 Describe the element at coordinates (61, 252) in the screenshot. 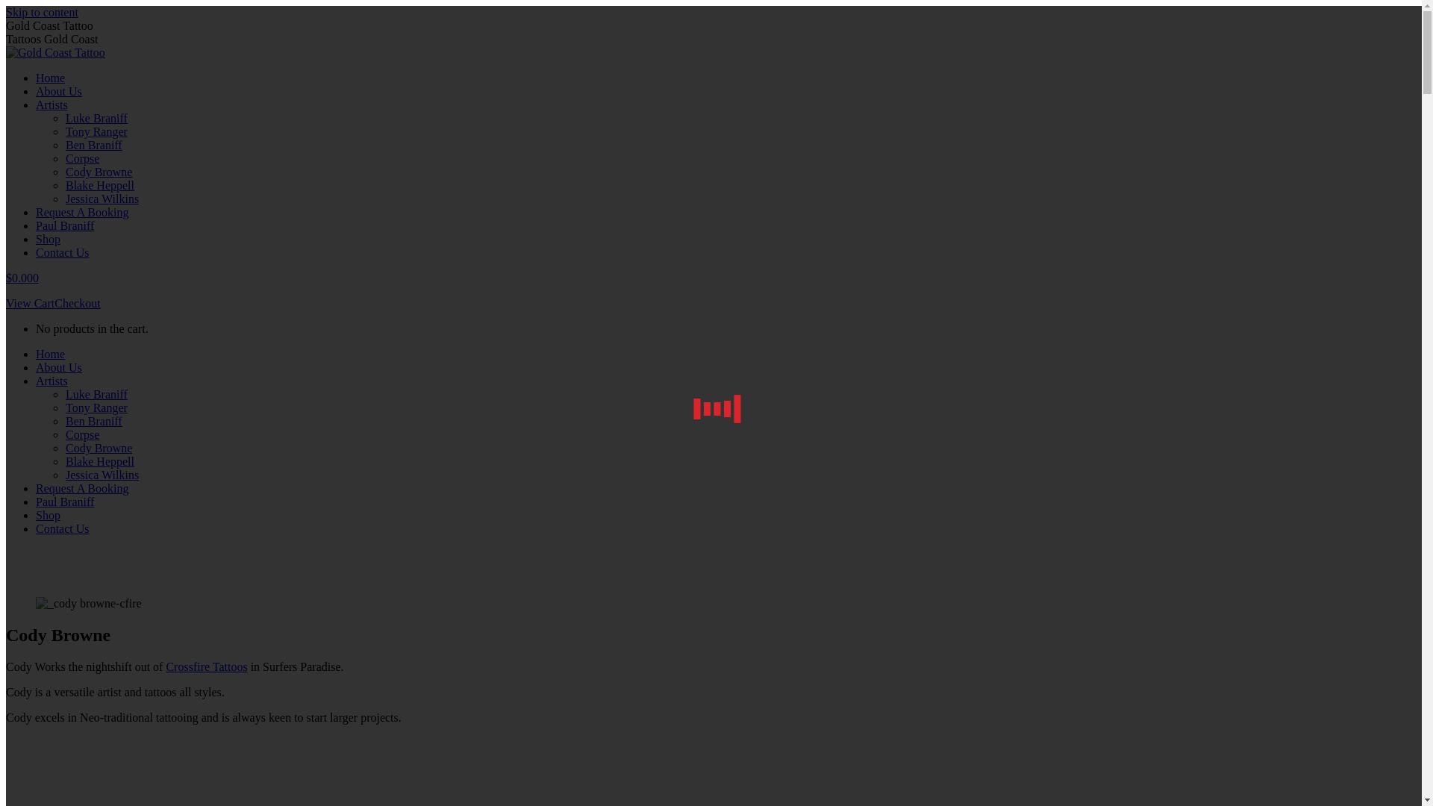

I see `'Contact Us'` at that location.